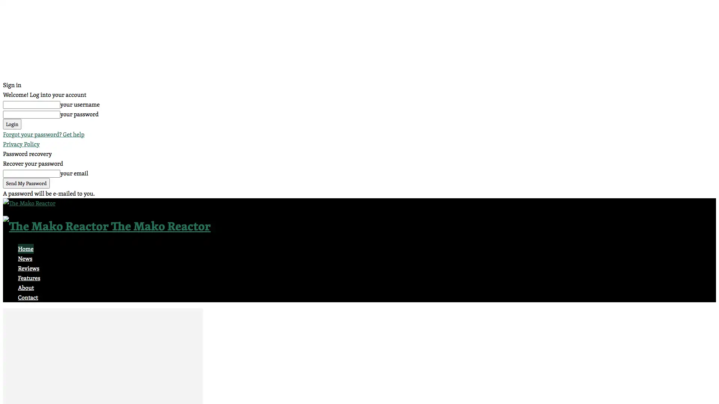  Describe the element at coordinates (26, 183) in the screenshot. I see `Send My Password` at that location.